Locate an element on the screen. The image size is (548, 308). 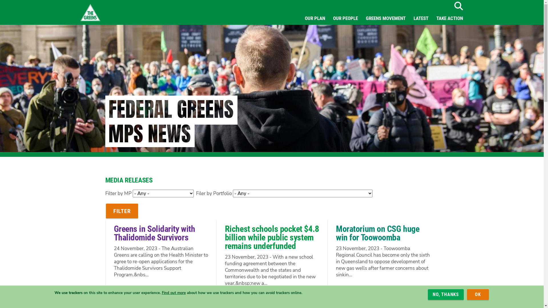
'Filter' is located at coordinates (121, 211).